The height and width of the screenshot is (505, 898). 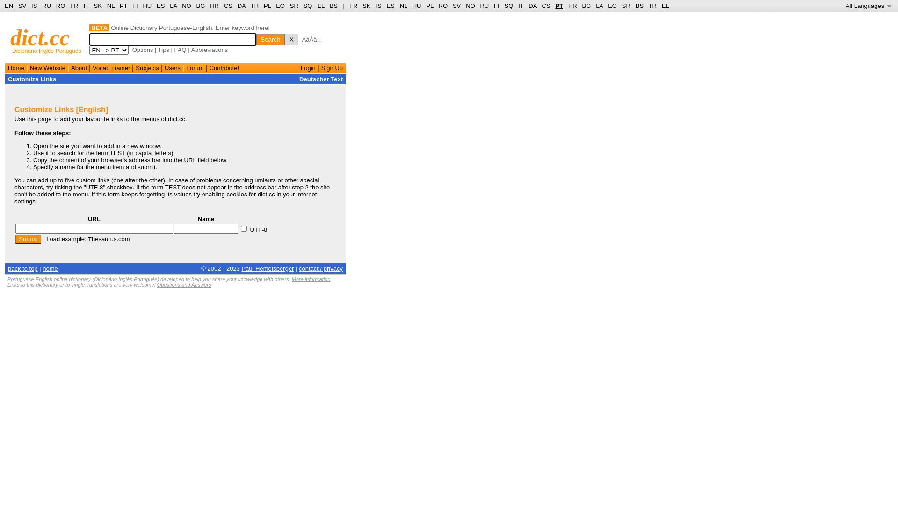 What do you see at coordinates (366, 6) in the screenshot?
I see `'SK'` at bounding box center [366, 6].